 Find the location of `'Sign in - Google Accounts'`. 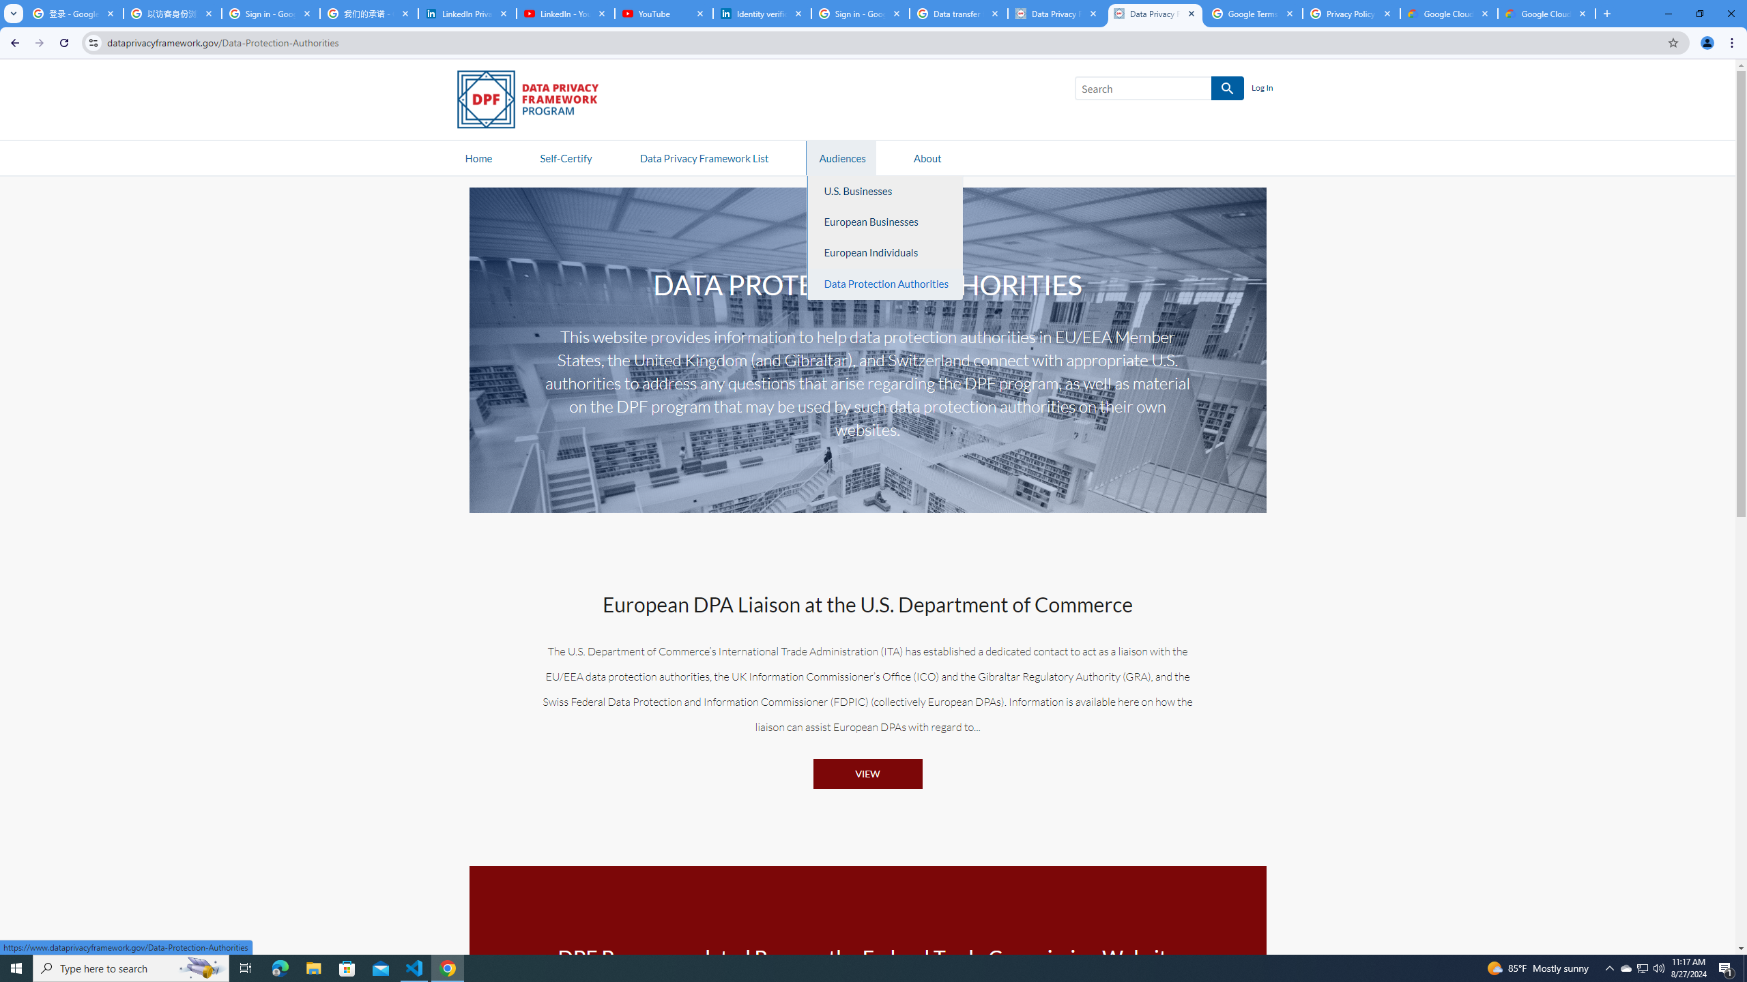

'Sign in - Google Accounts' is located at coordinates (270, 13).